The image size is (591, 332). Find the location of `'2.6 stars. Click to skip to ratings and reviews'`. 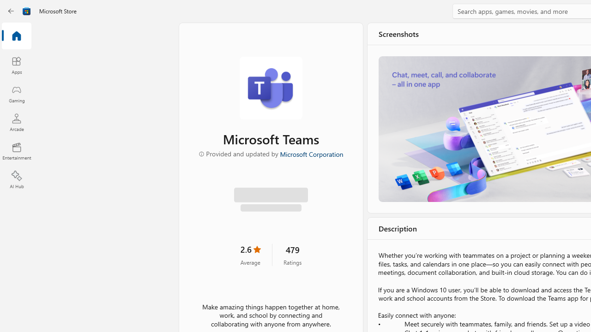

'2.6 stars. Click to skip to ratings and reviews' is located at coordinates (250, 254).